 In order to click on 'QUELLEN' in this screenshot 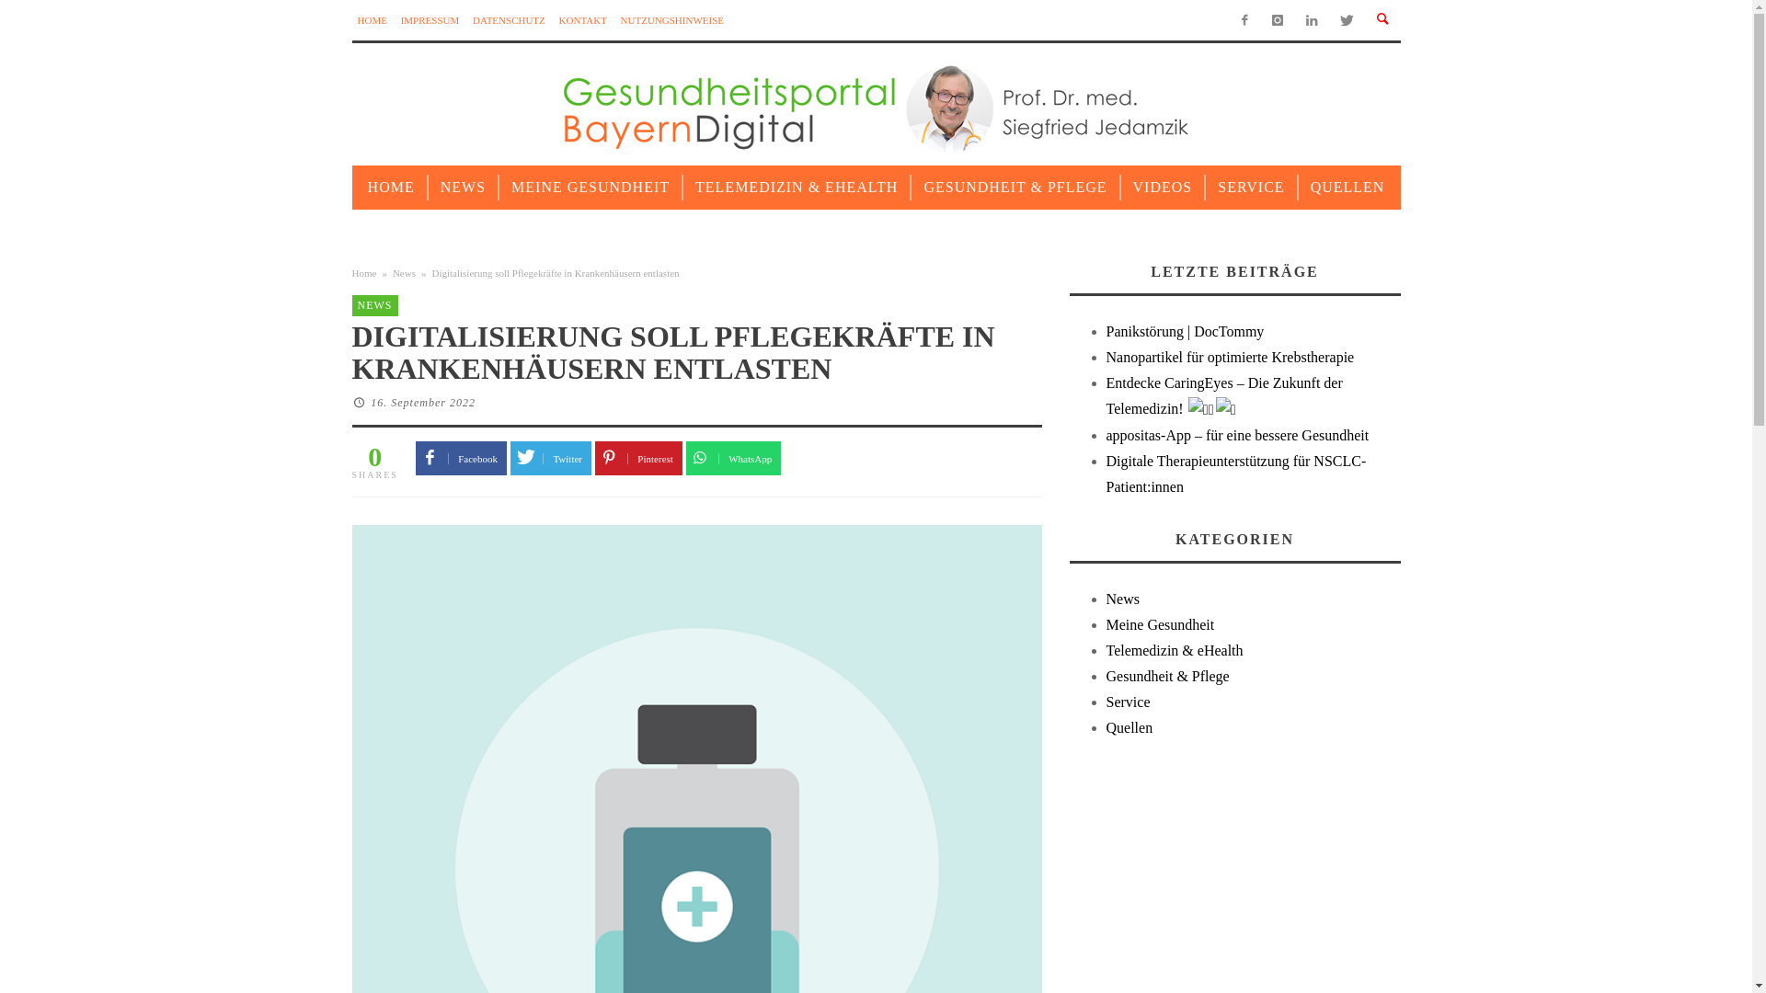, I will do `click(1347, 188)`.